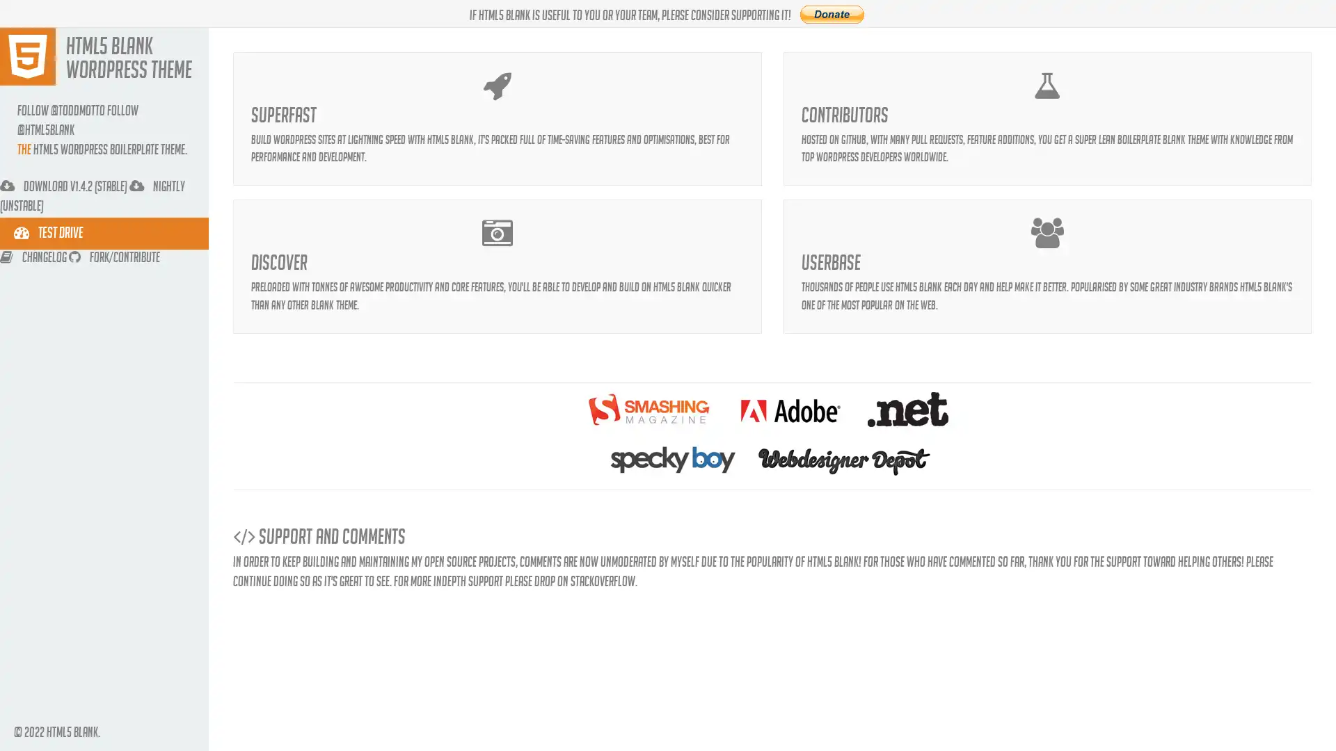  I want to click on PayPal  The safer, easier way to pay online., so click(832, 14).